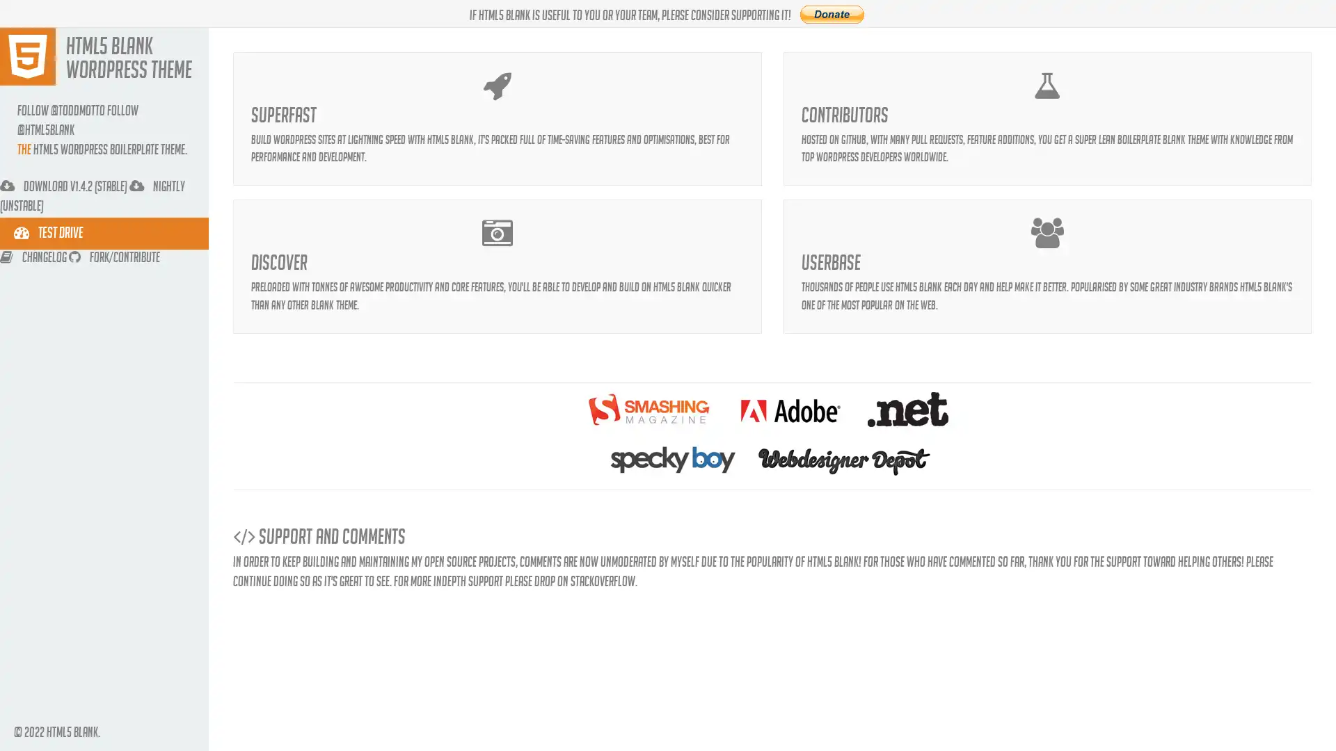  I want to click on PayPal  The safer, easier way to pay online., so click(832, 14).